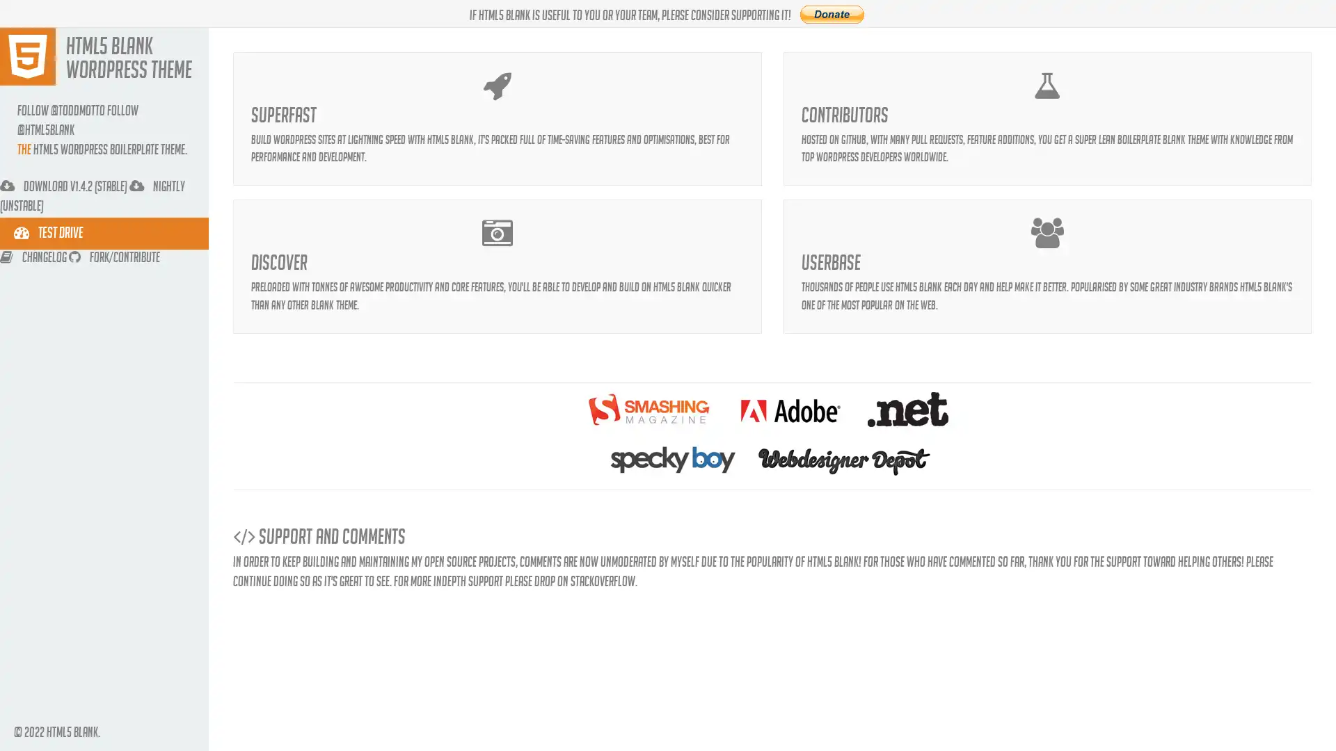  I want to click on PayPal  The safer, easier way to pay online., so click(832, 14).